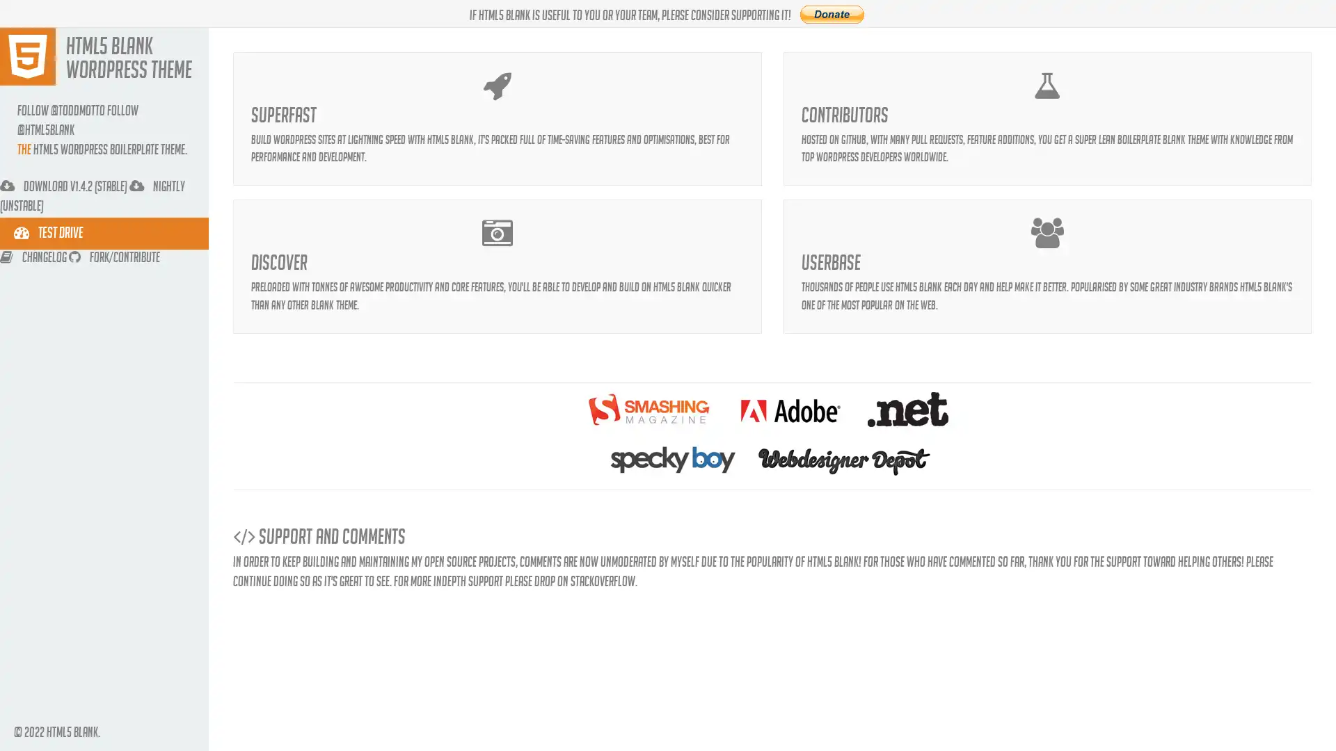  I want to click on PayPal  The safer, easier way to pay online., so click(832, 14).